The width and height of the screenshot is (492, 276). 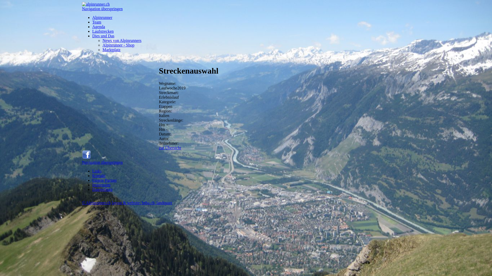 I want to click on 'Datenschutz', so click(x=102, y=189).